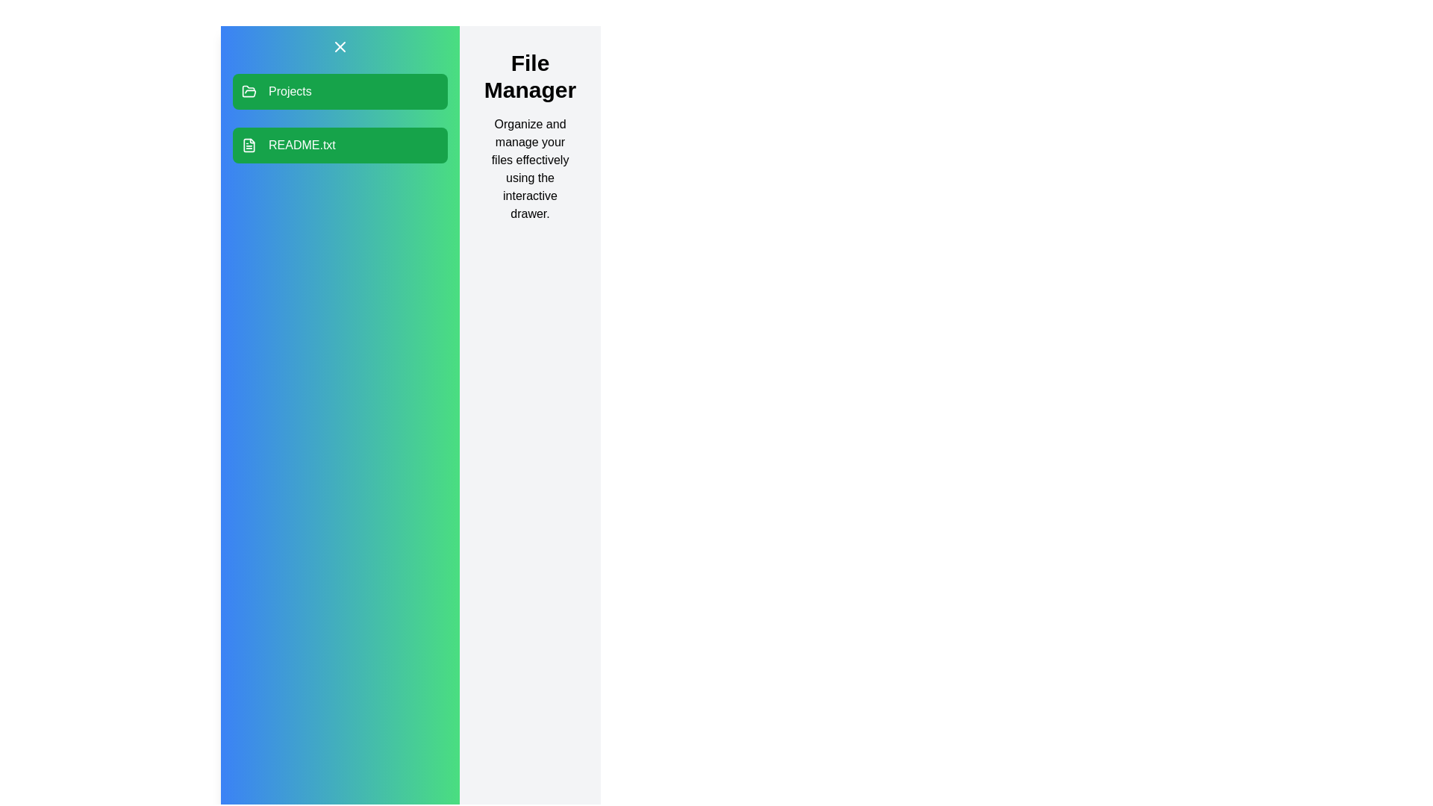  I want to click on the close button to toggle the visibility of the drawer, so click(340, 46).